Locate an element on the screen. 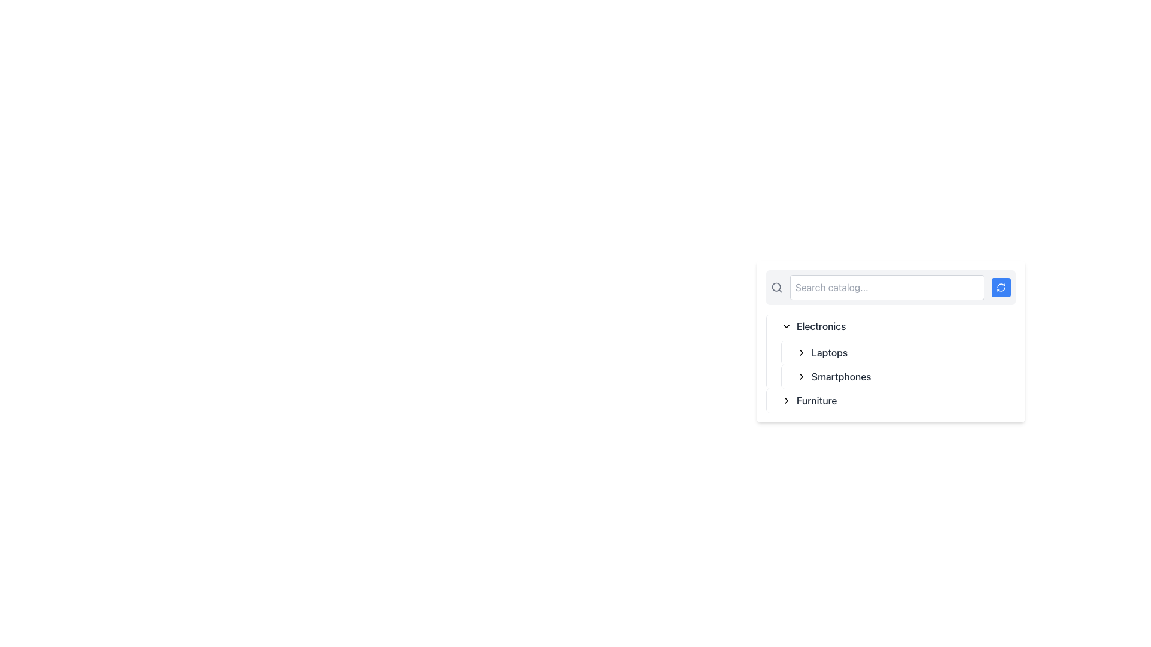  the refresh icon, which is styled as two curved arrows forming a circular pattern, located within a blue rounded rectangular button to refresh the content is located at coordinates (1001, 287).